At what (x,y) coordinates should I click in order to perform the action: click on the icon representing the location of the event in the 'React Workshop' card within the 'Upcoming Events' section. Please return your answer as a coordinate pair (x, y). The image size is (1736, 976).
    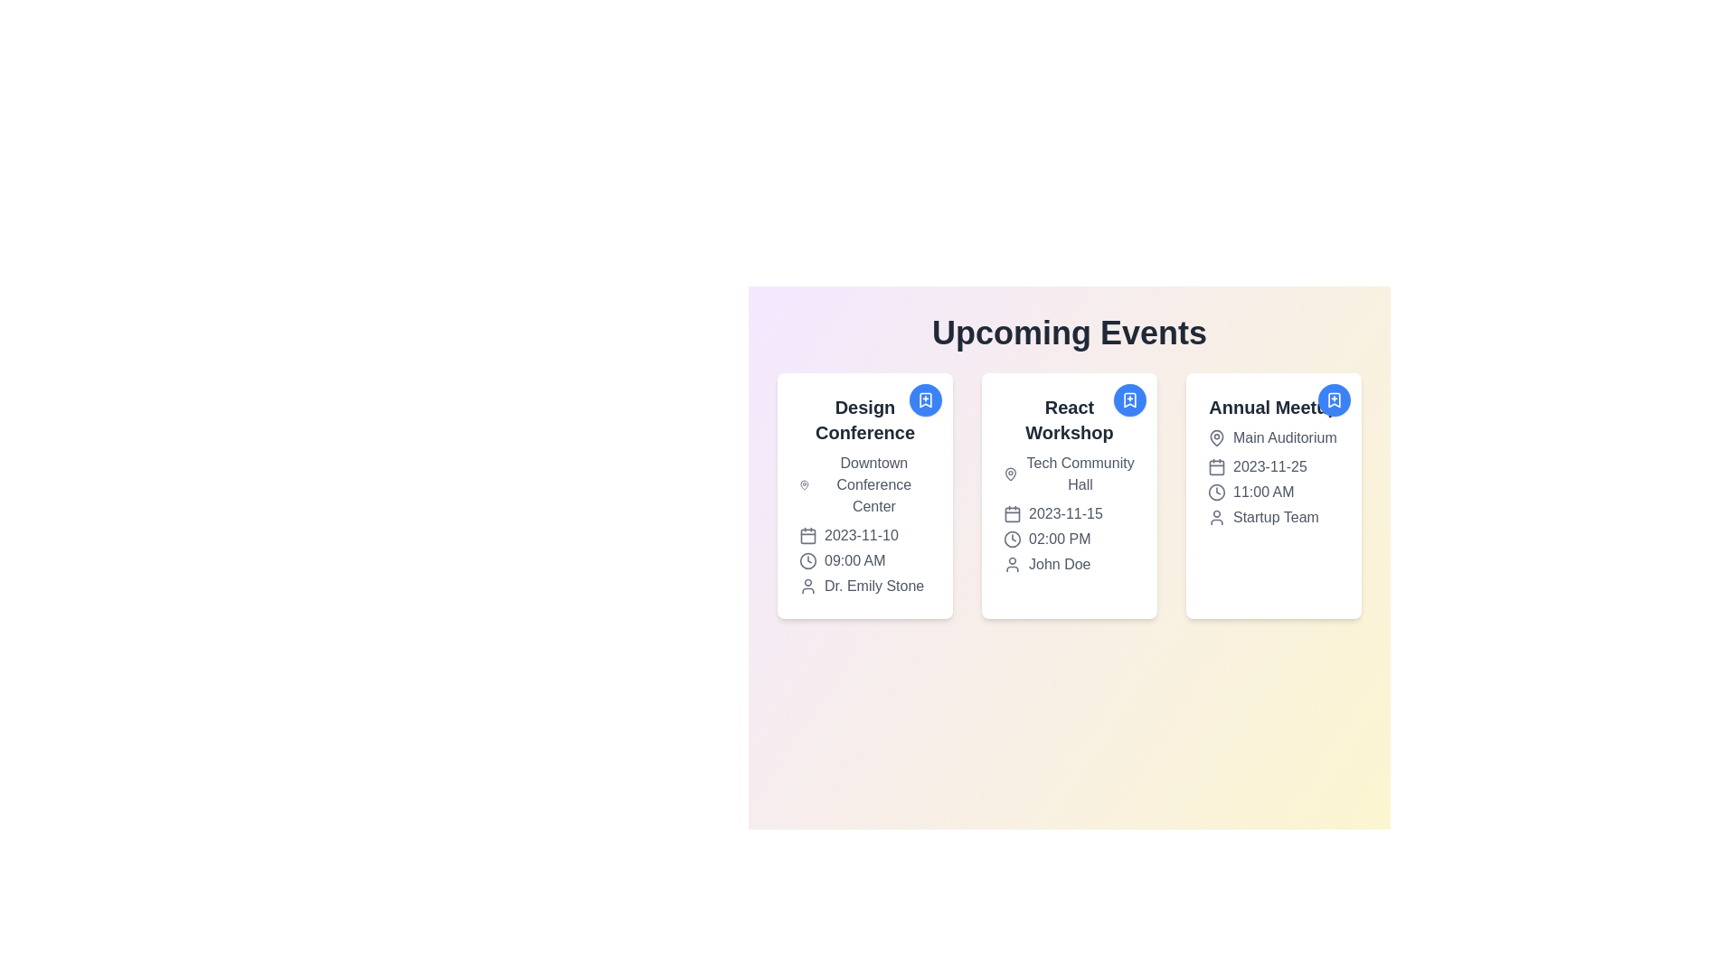
    Looking at the image, I should click on (1010, 473).